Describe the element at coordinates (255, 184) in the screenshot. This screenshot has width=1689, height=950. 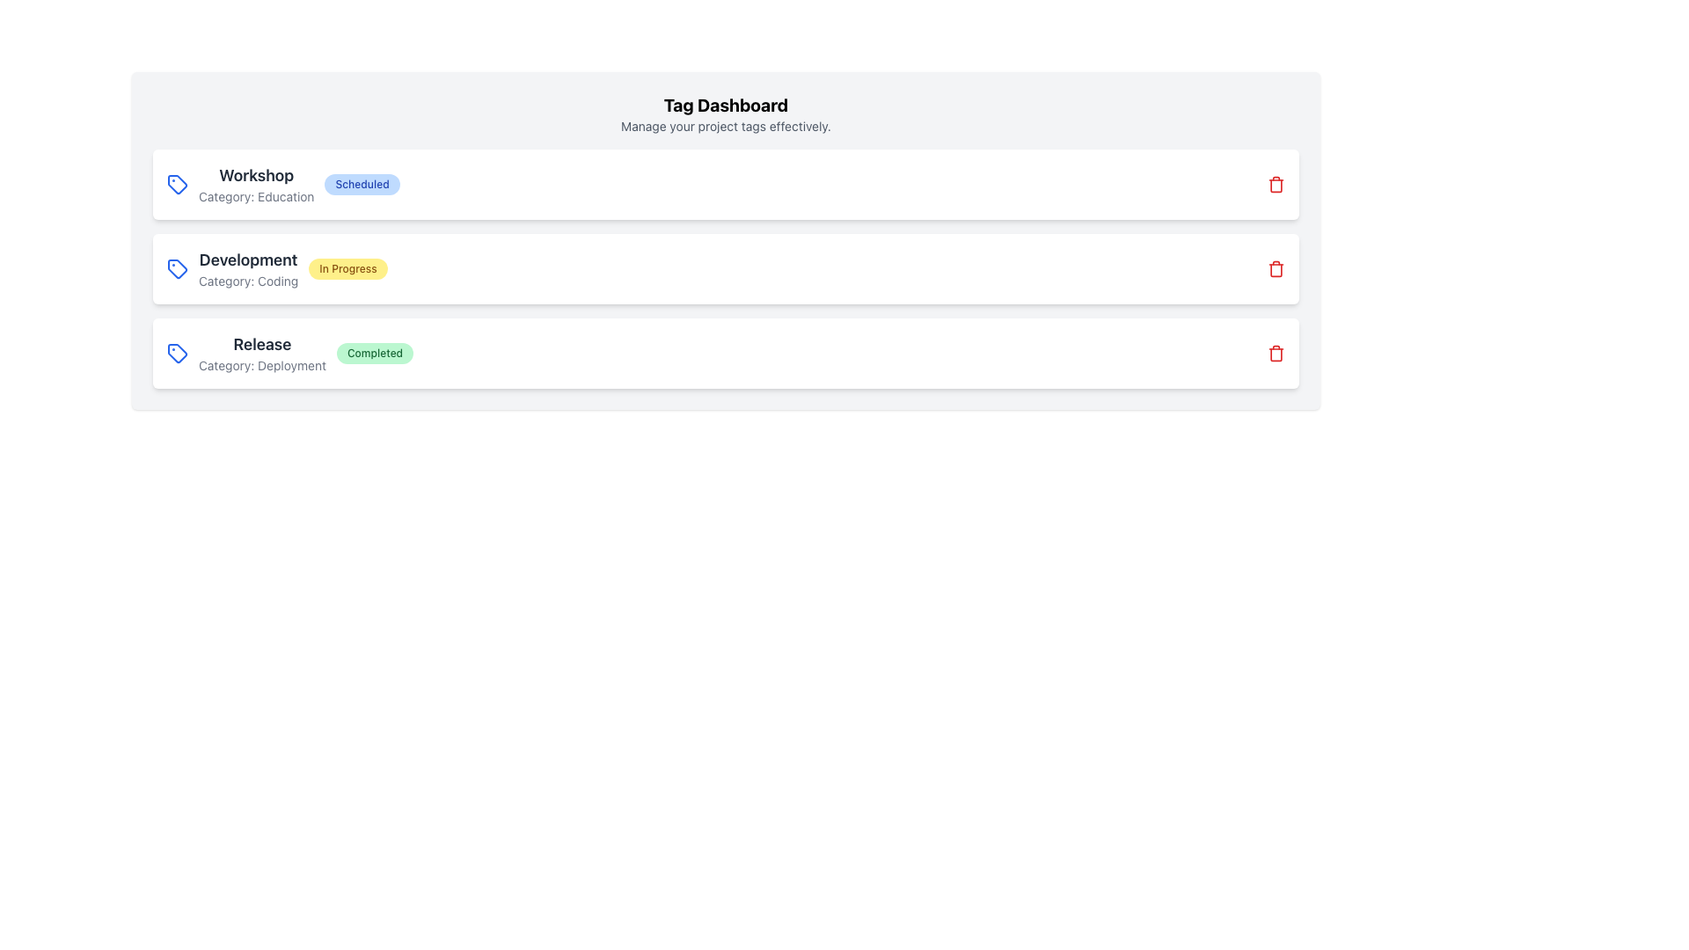
I see `the workshop title label located in the first row of the list, which is centrally aligned and follows a tag icon on the left` at that location.